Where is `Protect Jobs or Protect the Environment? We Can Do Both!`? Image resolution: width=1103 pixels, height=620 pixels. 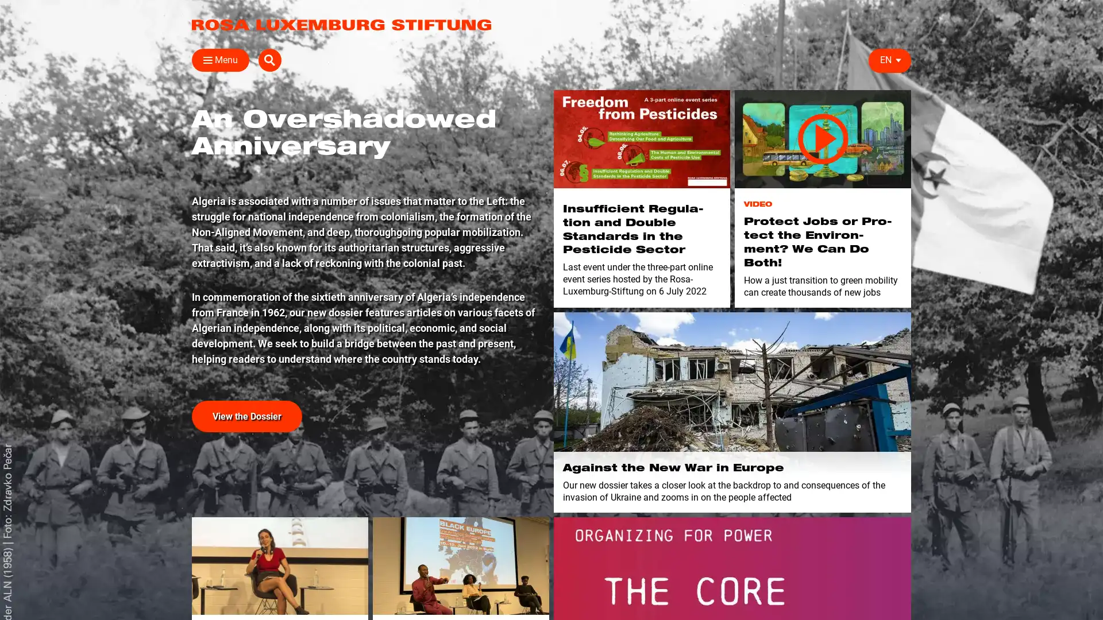
Protect Jobs or Protect the Environment? We Can Do Both! is located at coordinates (822, 138).